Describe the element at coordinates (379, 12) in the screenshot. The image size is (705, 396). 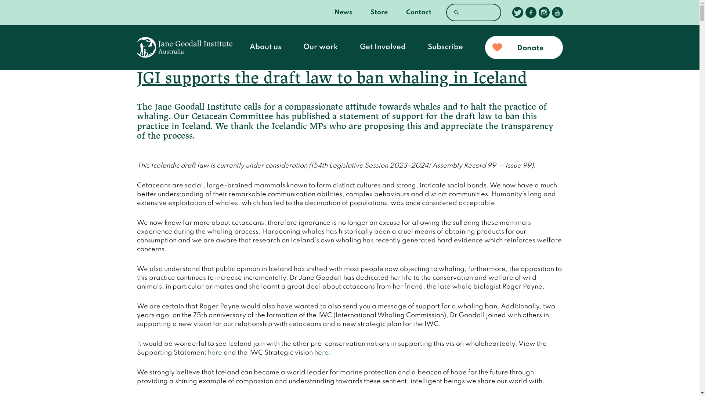
I see `'Store'` at that location.